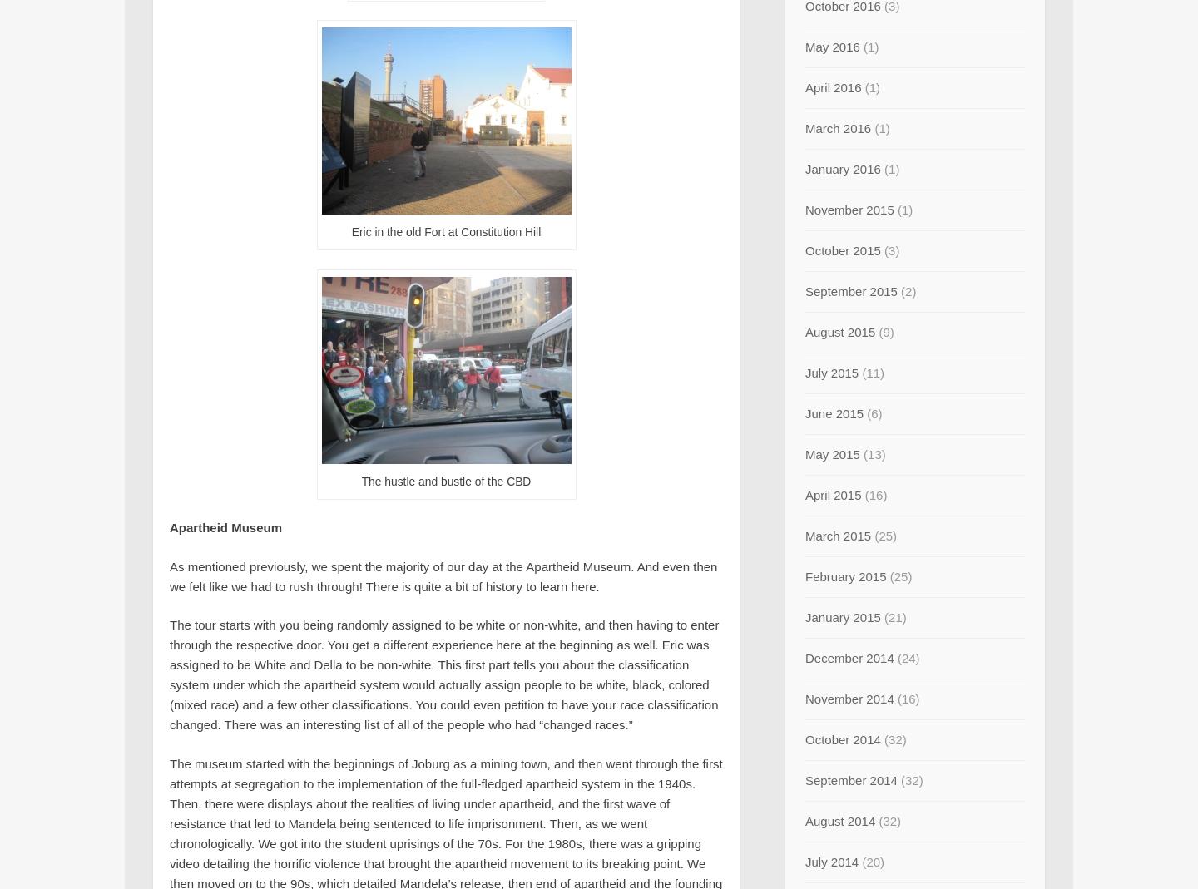 The width and height of the screenshot is (1198, 889). What do you see at coordinates (848, 209) in the screenshot?
I see `'November 2015'` at bounding box center [848, 209].